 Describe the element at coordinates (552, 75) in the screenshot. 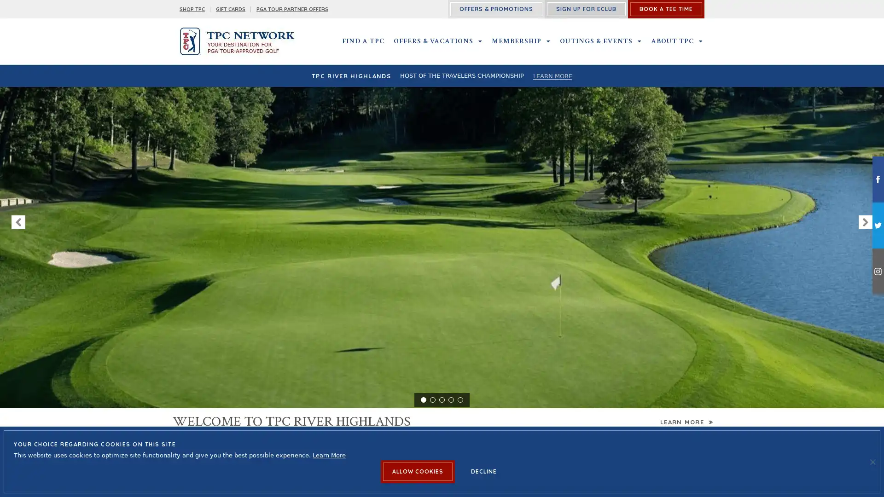

I see `LEARN MORE` at that location.